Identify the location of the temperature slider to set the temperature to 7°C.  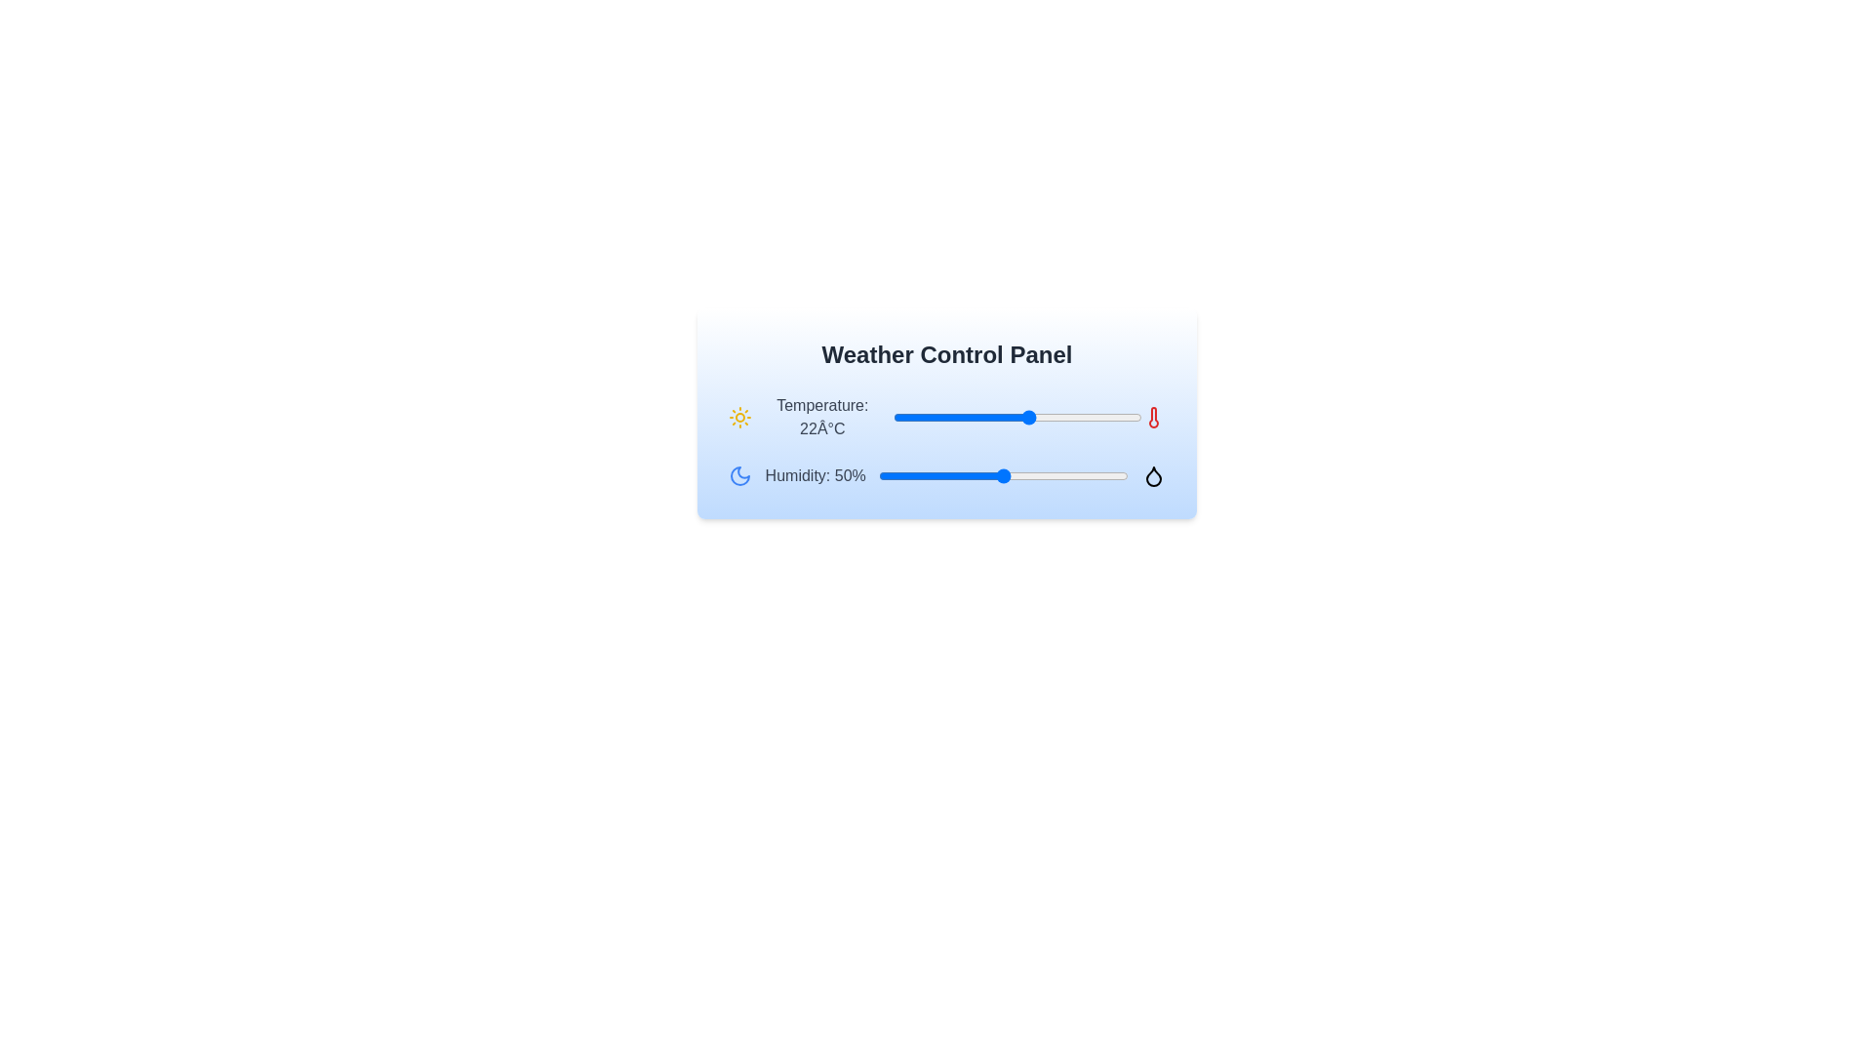
(936, 417).